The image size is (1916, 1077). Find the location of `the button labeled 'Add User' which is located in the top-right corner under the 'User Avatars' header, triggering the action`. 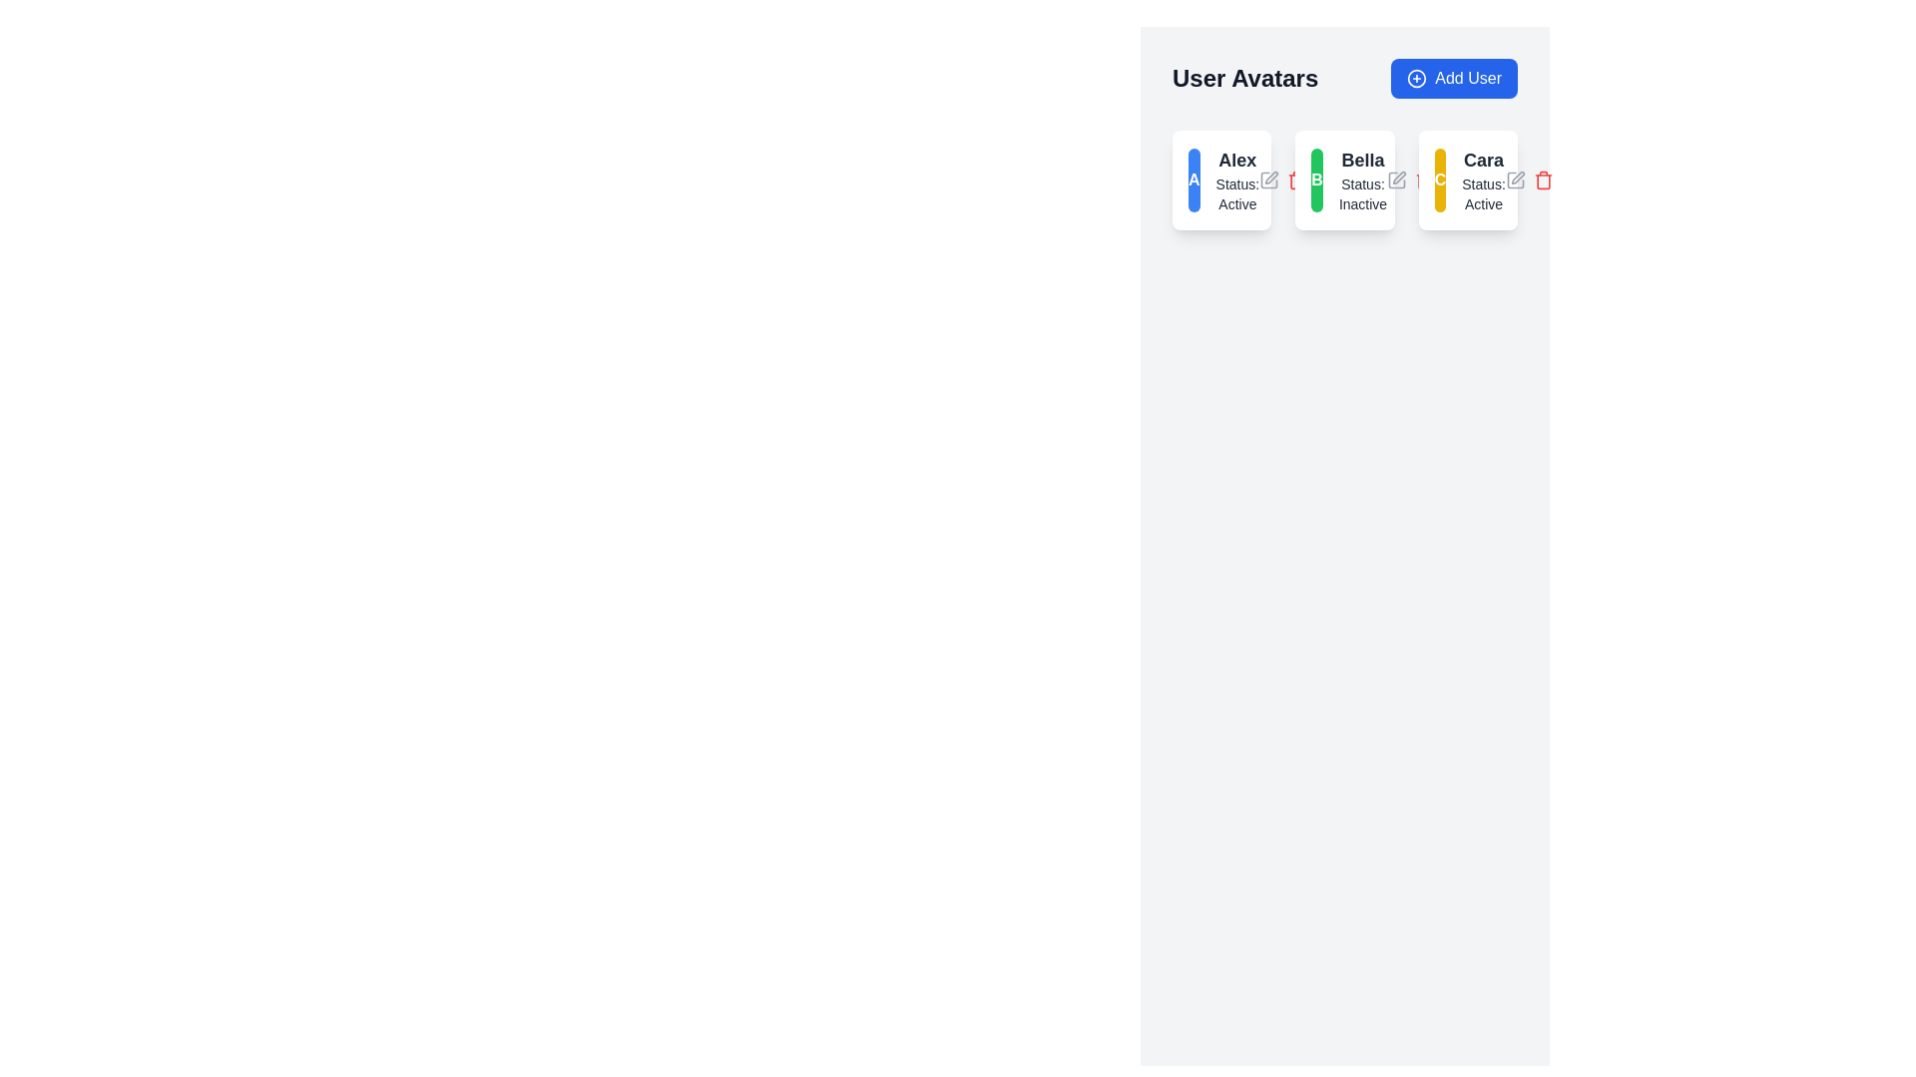

the button labeled 'Add User' which is located in the top-right corner under the 'User Avatars' header, triggering the action is located at coordinates (1416, 77).